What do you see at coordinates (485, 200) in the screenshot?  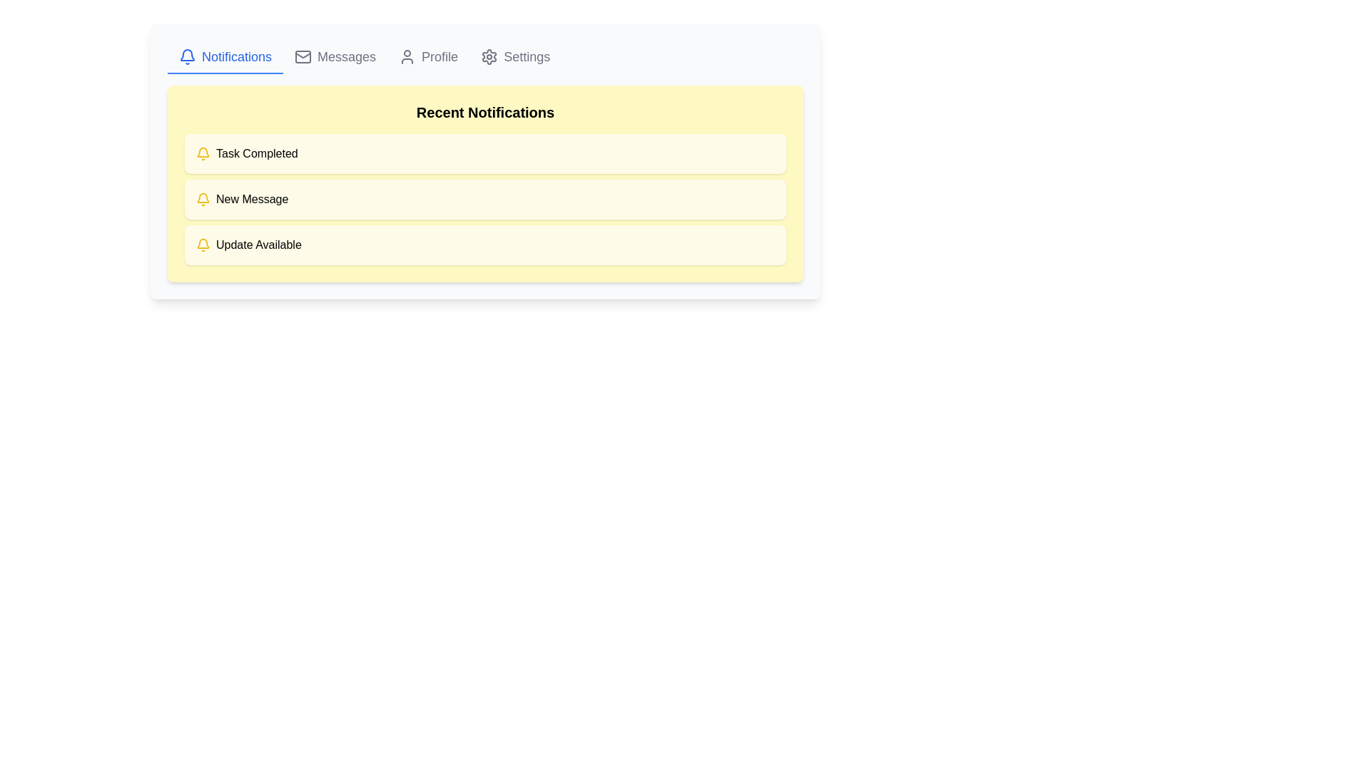 I see `the second notification in the 'Recent Notifications' yellow card, which indicates a new message update` at bounding box center [485, 200].